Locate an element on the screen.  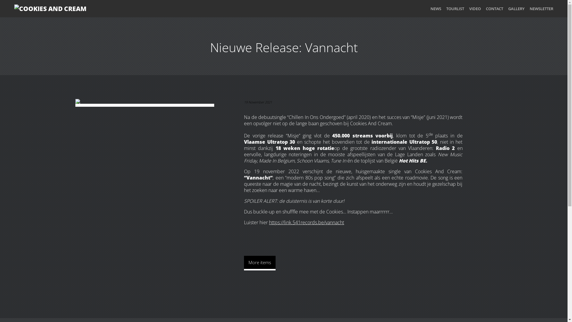
'More items' is located at coordinates (260, 263).